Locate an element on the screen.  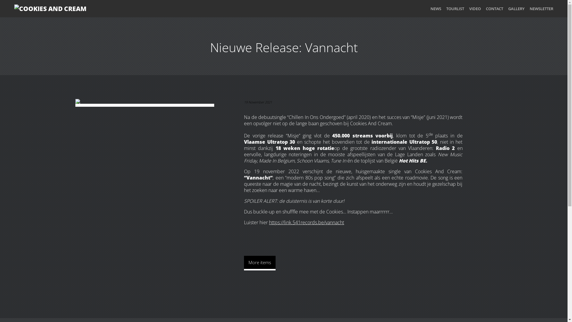
'More items' is located at coordinates (260, 263).